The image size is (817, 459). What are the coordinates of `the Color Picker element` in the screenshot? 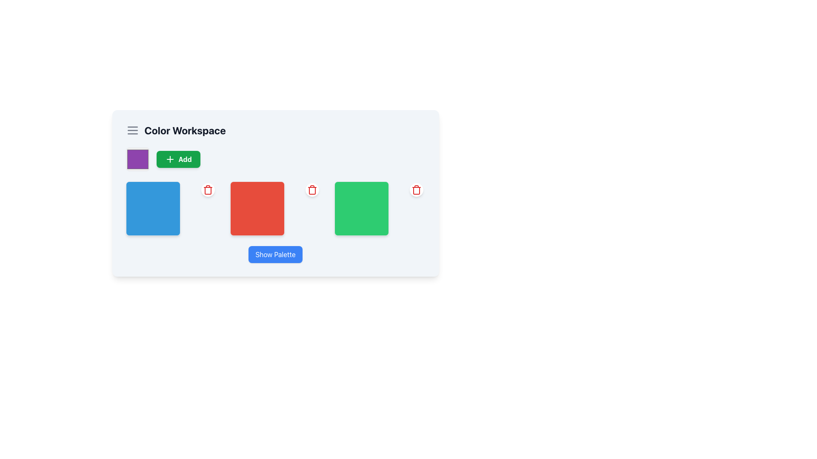 It's located at (137, 159).